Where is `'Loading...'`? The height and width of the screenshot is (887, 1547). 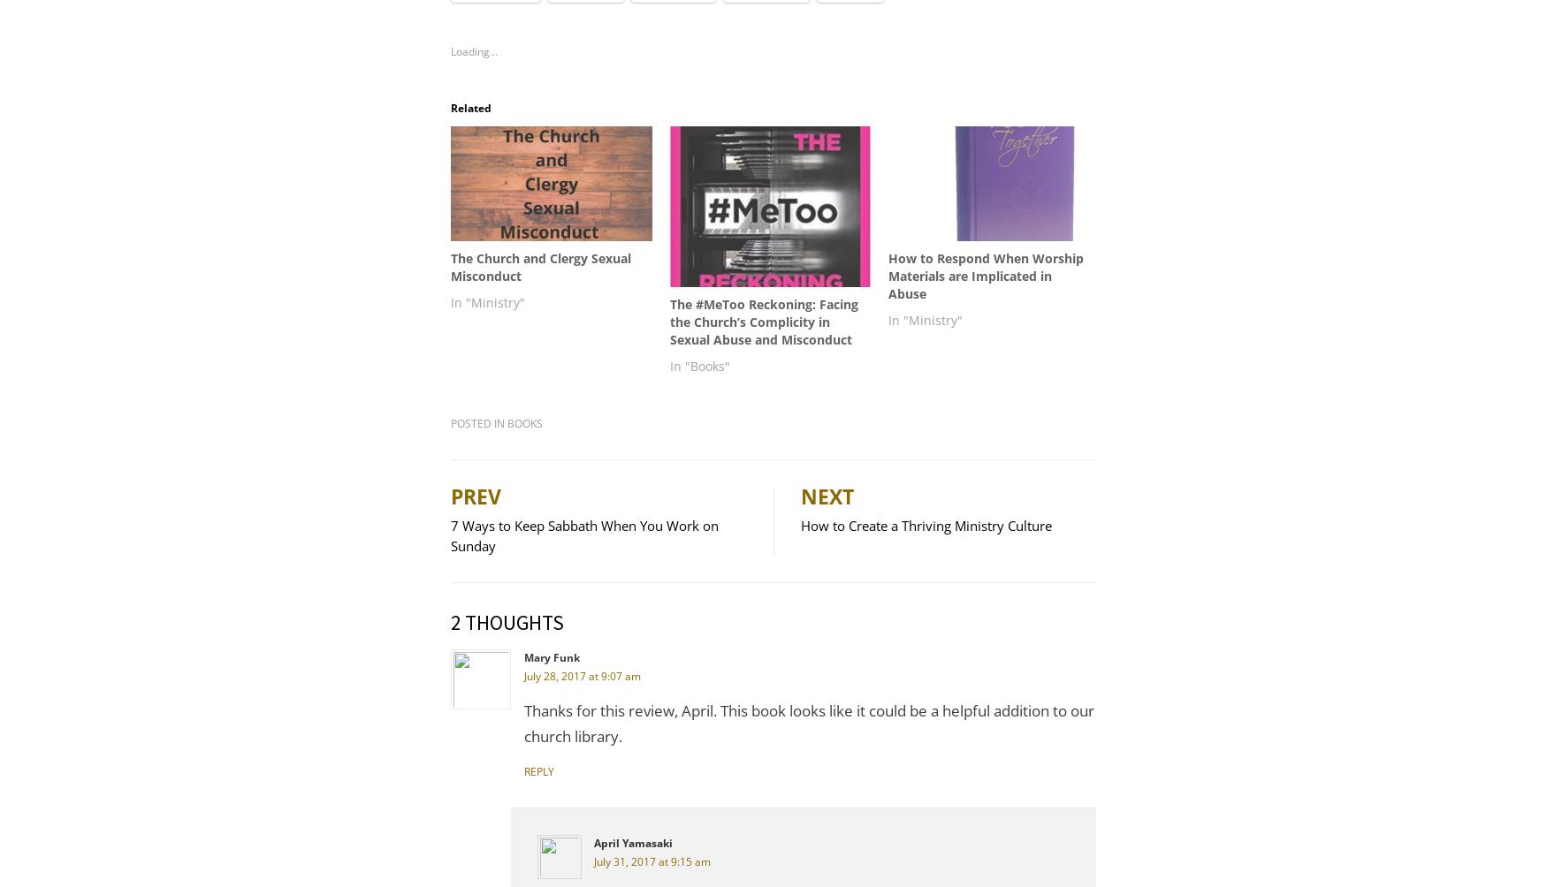 'Loading...' is located at coordinates (449, 51).